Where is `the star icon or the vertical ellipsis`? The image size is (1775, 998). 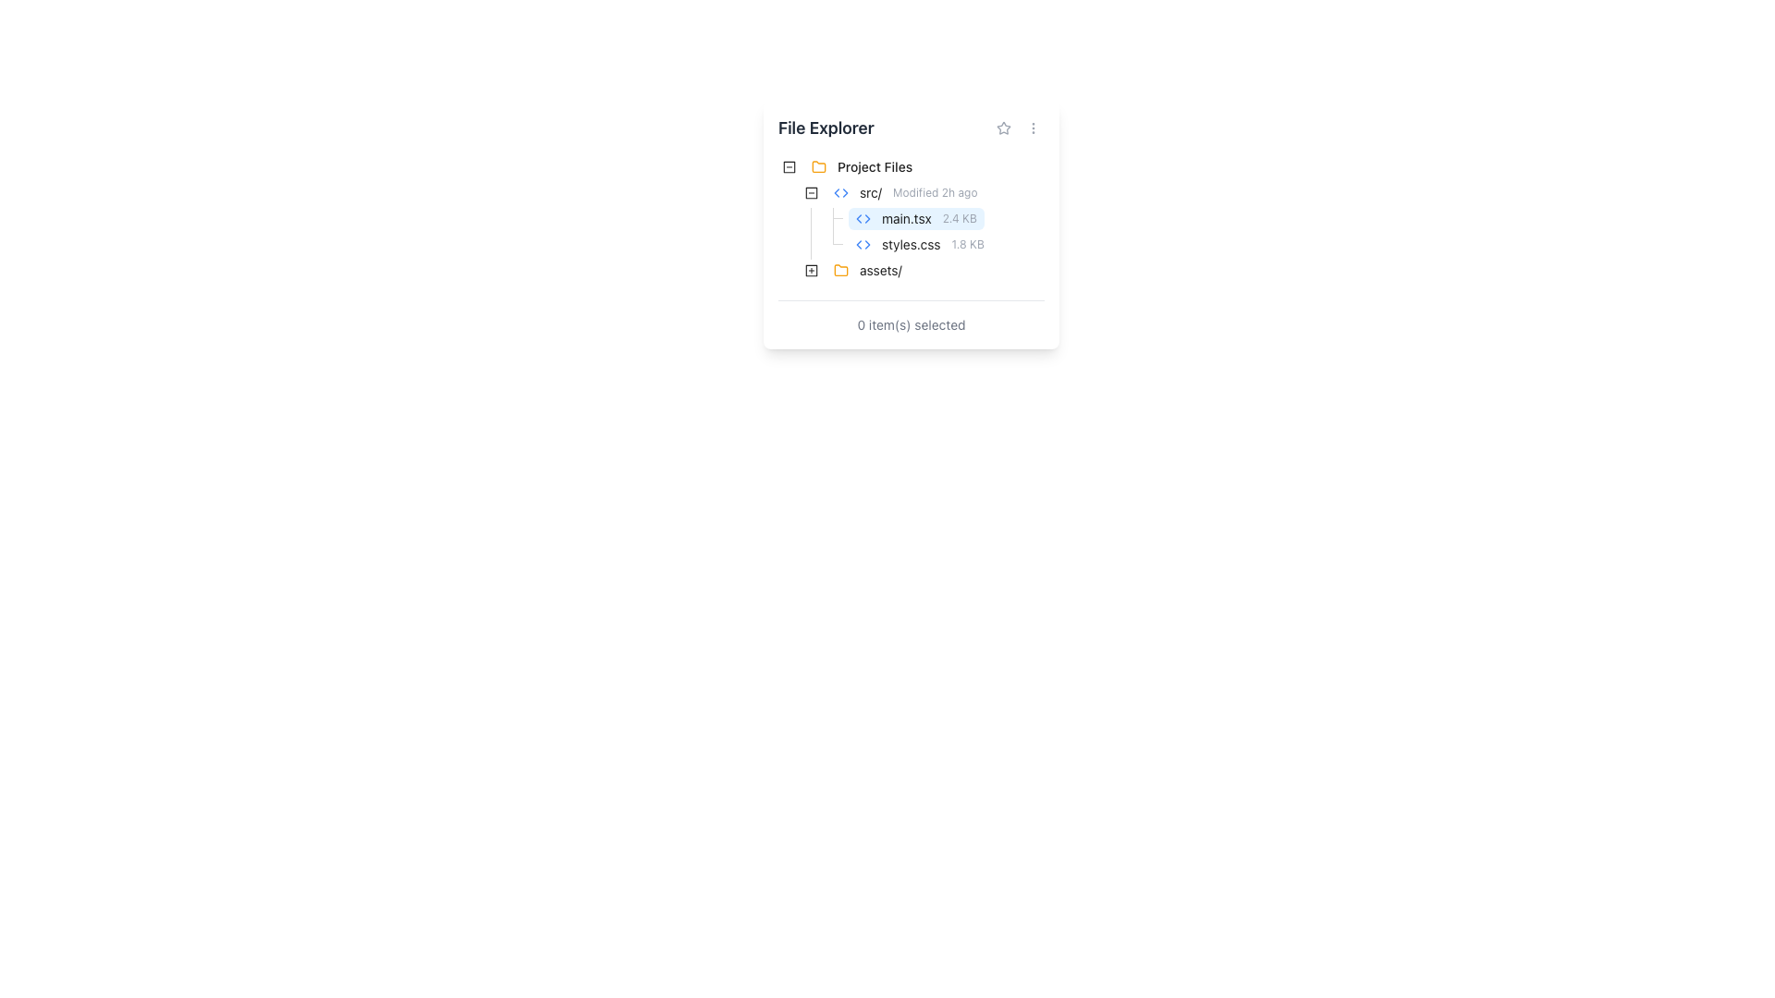
the star icon or the vertical ellipsis is located at coordinates (1018, 127).